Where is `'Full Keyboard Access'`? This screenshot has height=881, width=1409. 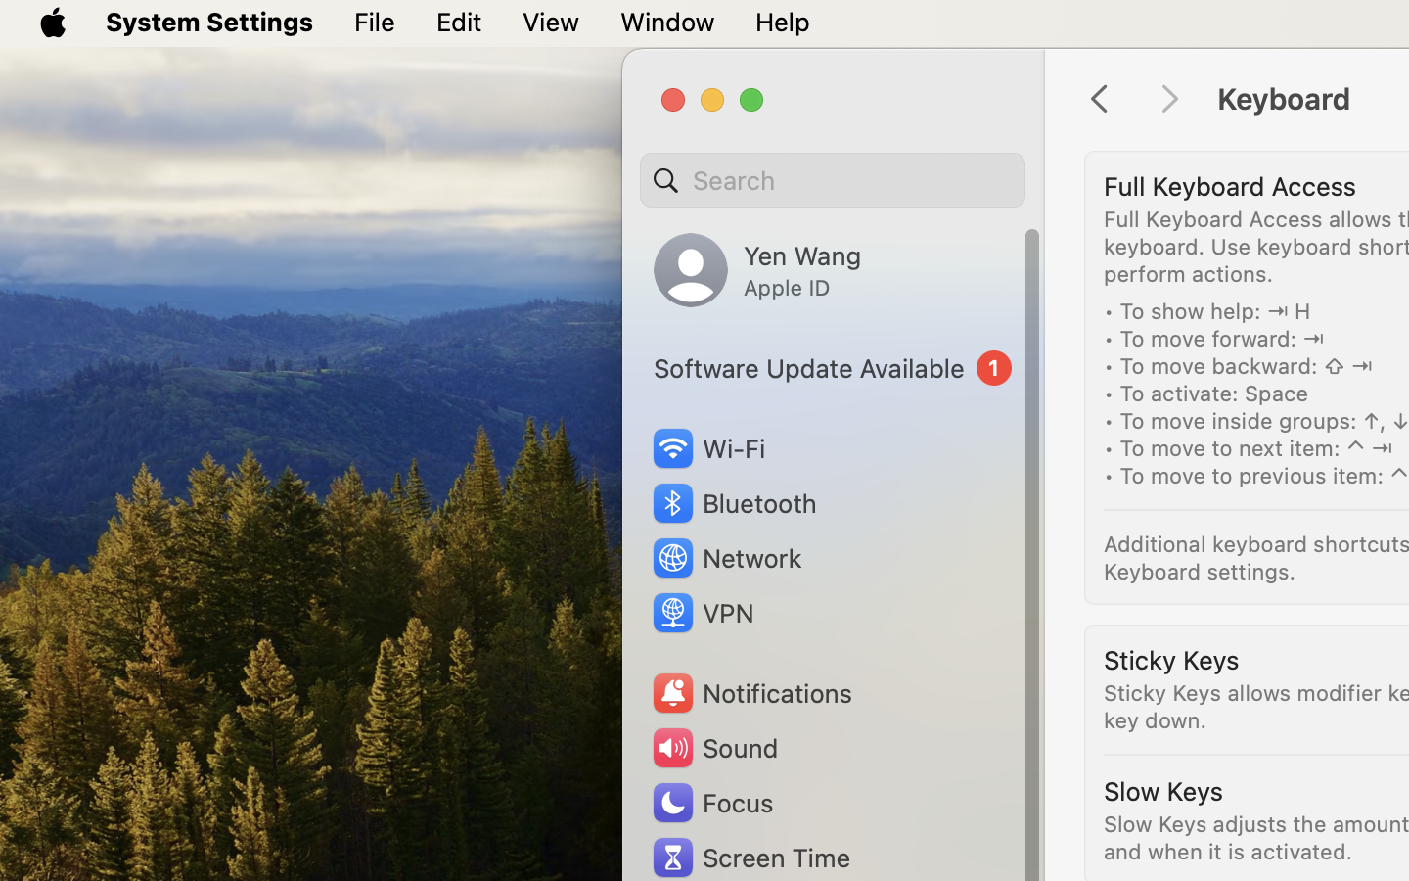 'Full Keyboard Access' is located at coordinates (1228, 185).